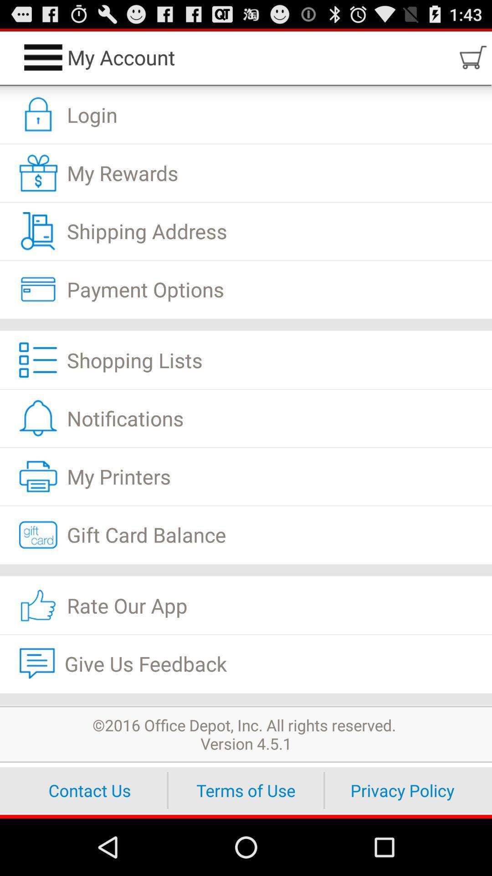 This screenshot has width=492, height=876. I want to click on the app below rate our app, so click(246, 663).